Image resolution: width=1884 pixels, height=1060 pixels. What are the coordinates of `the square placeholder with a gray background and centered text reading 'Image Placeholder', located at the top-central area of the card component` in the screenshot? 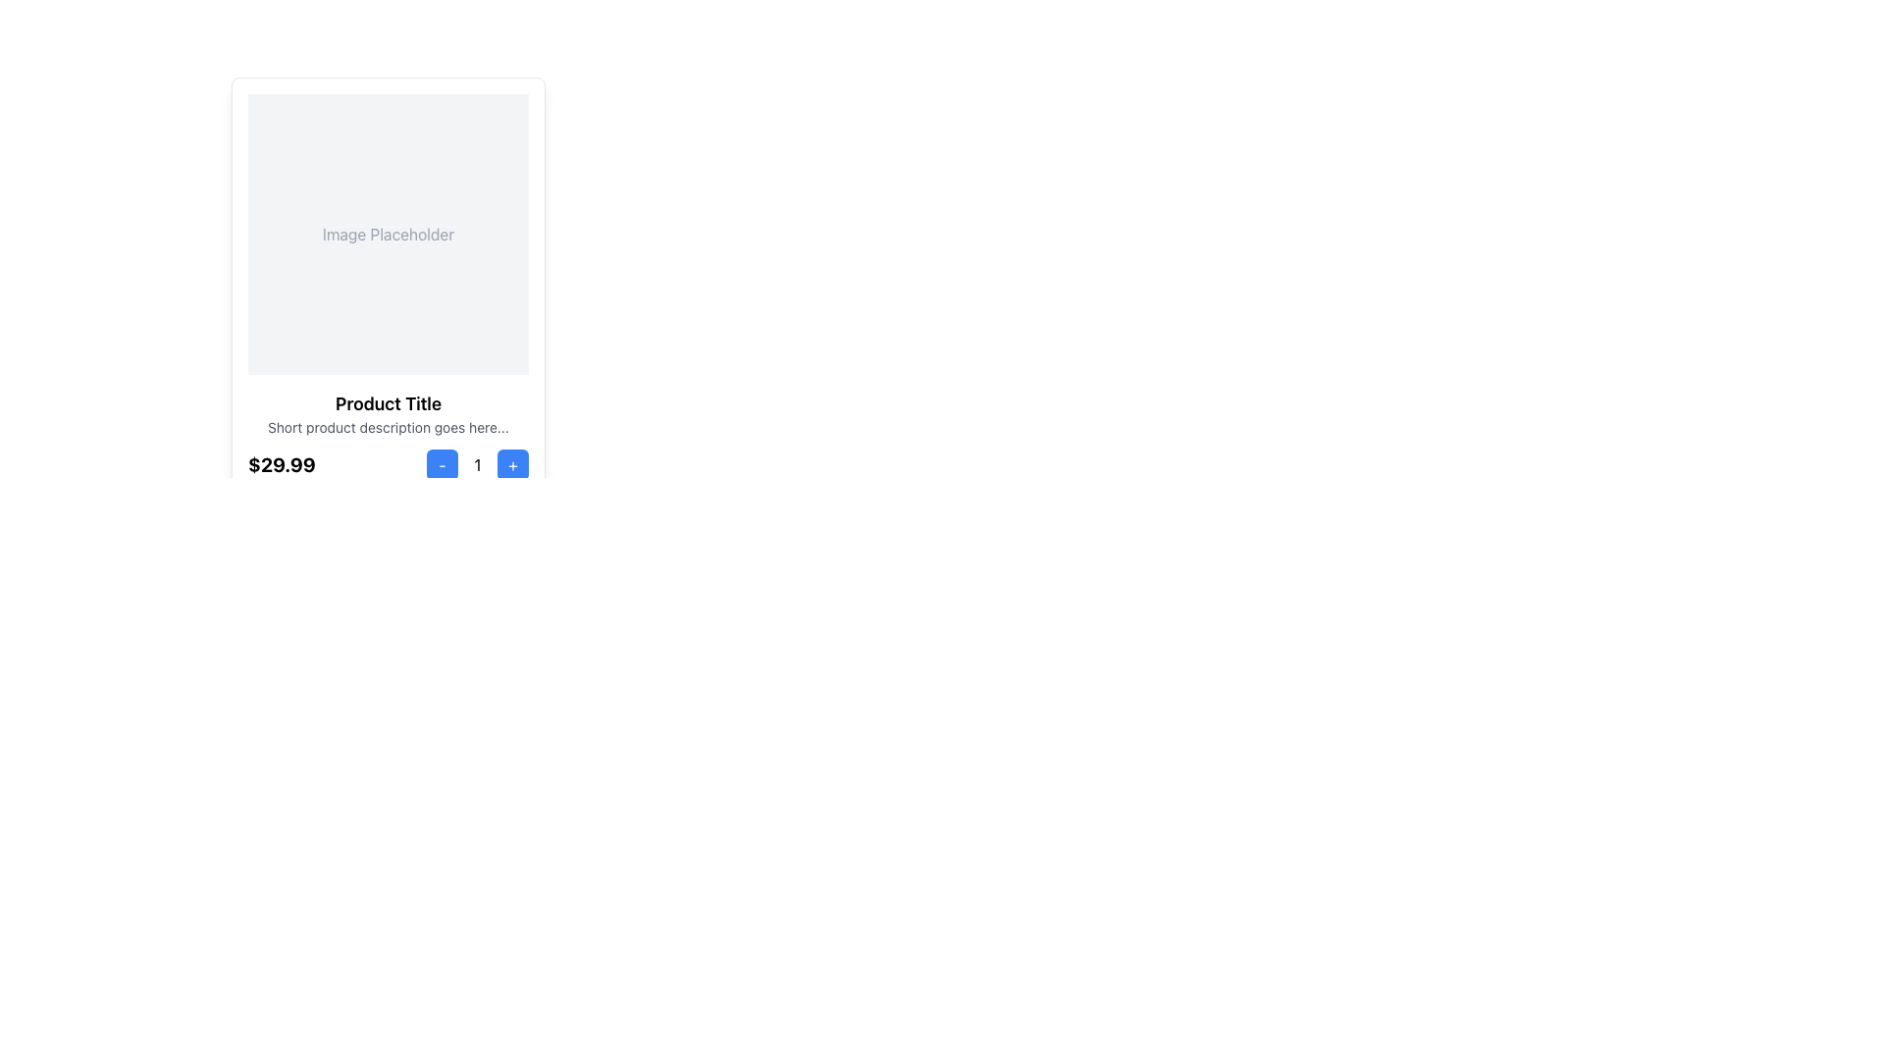 It's located at (388, 234).